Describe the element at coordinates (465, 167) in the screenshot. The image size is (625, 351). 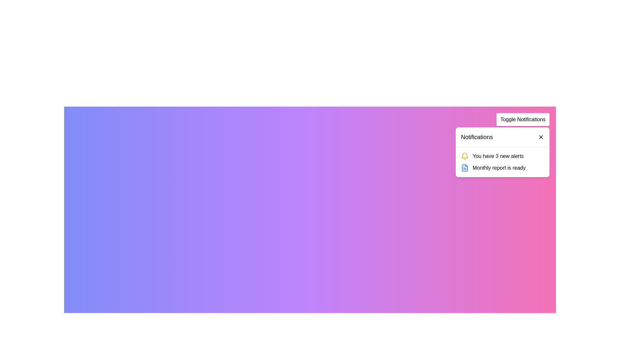
I see `the blue file icon located to the left of the text 'Monthly report is ready'` at that location.